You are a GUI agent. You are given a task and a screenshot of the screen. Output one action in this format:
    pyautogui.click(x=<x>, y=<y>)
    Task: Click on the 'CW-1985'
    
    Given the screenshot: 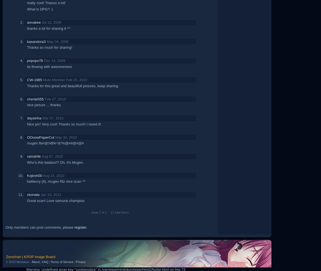 What is the action you would take?
    pyautogui.click(x=34, y=80)
    